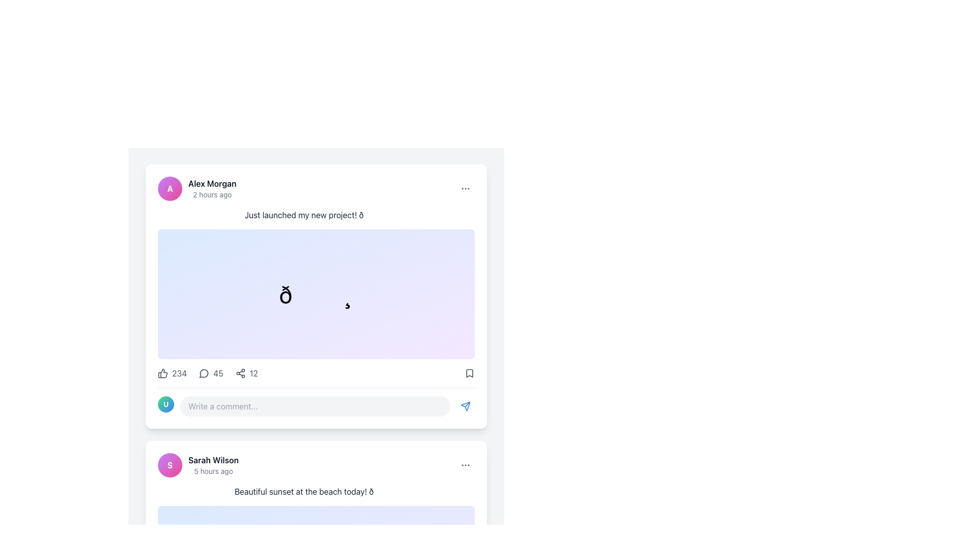 This screenshot has width=975, height=548. Describe the element at coordinates (465, 406) in the screenshot. I see `the blue send icon styled as a paper plane located at the bottom-right corner of the post box to send the message` at that location.